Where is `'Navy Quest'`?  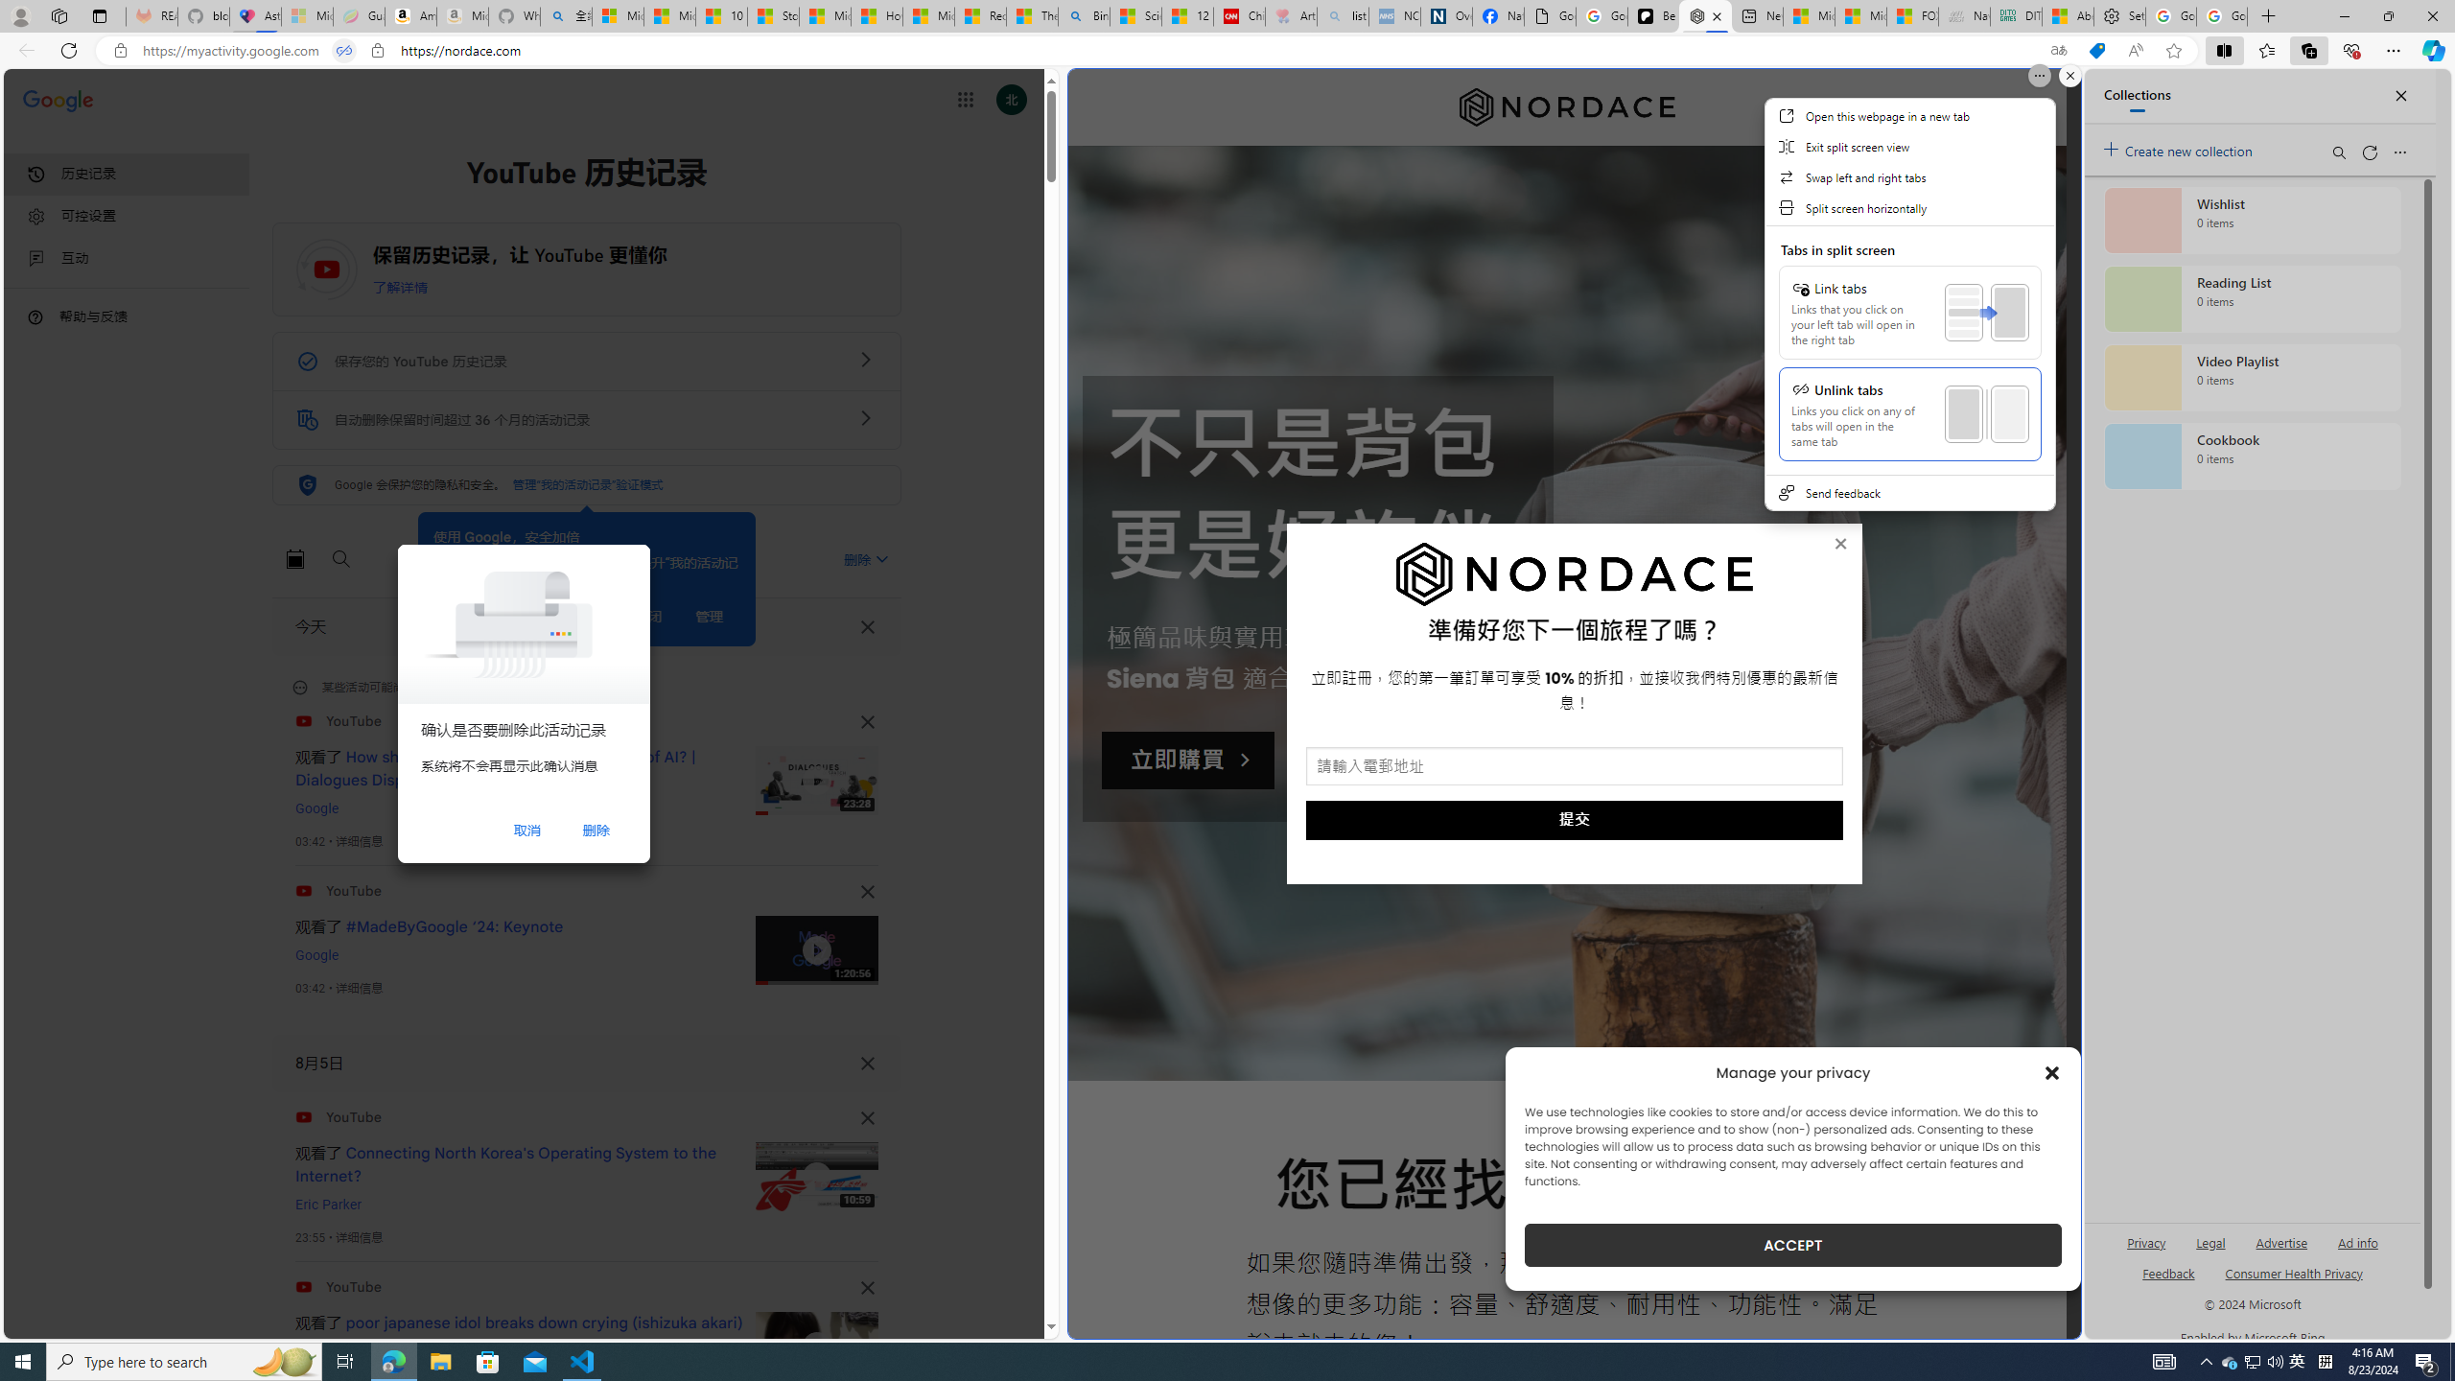 'Navy Quest' is located at coordinates (1963, 15).